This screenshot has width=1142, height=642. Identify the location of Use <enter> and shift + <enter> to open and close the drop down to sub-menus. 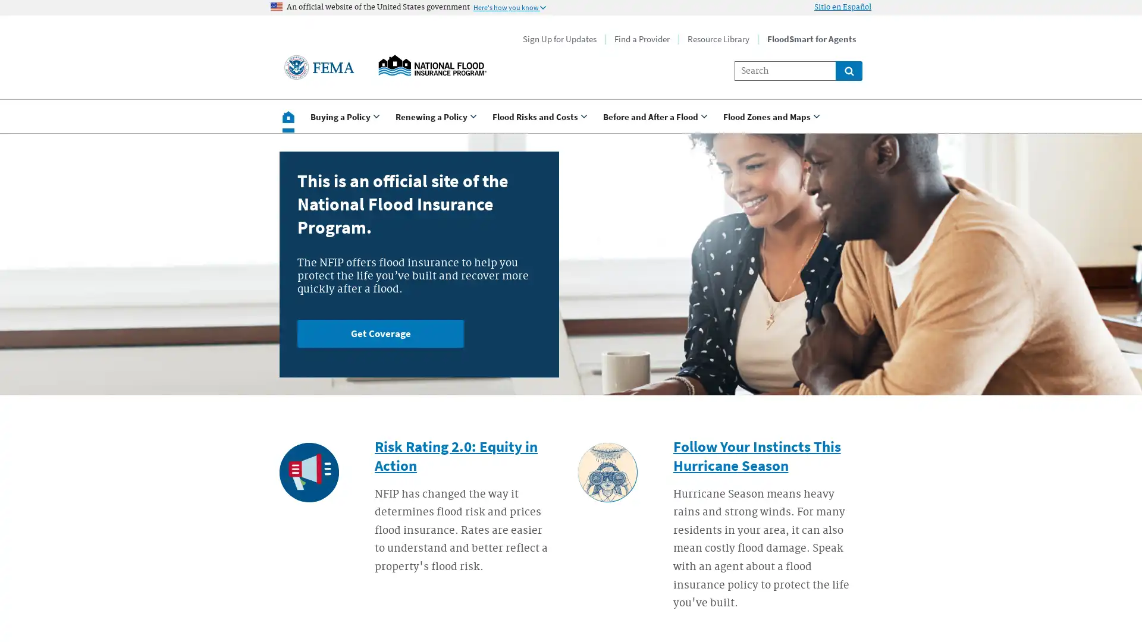
(541, 116).